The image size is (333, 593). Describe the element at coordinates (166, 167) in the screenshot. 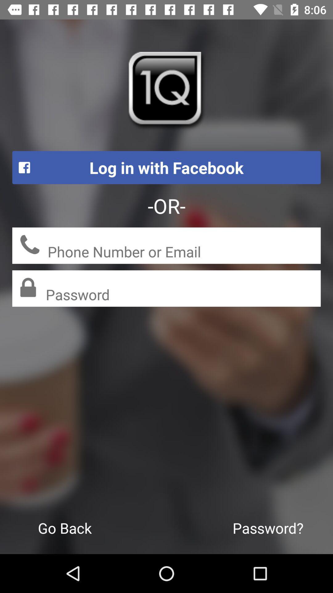

I see `log in with` at that location.